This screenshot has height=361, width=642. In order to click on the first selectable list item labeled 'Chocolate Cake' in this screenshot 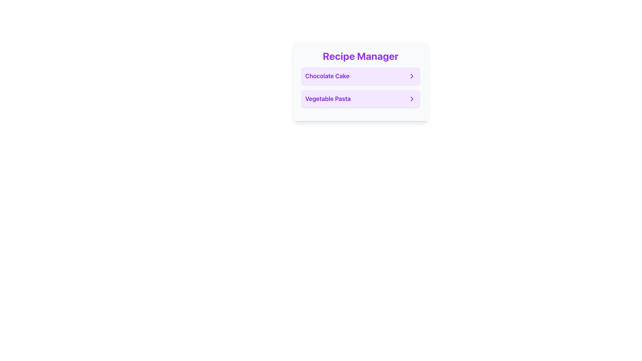, I will do `click(360, 81)`.